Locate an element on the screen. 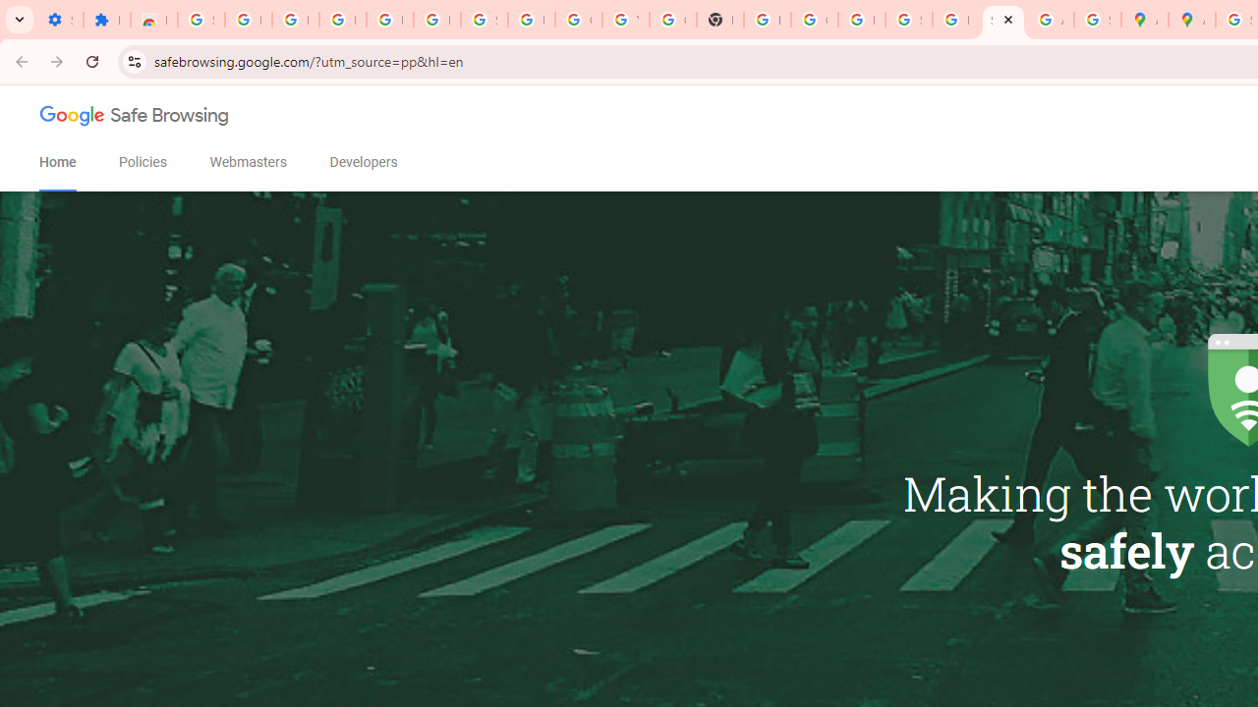 Image resolution: width=1258 pixels, height=707 pixels. 'Learn how to find your photos - Google Photos Help' is located at coordinates (389, 20).